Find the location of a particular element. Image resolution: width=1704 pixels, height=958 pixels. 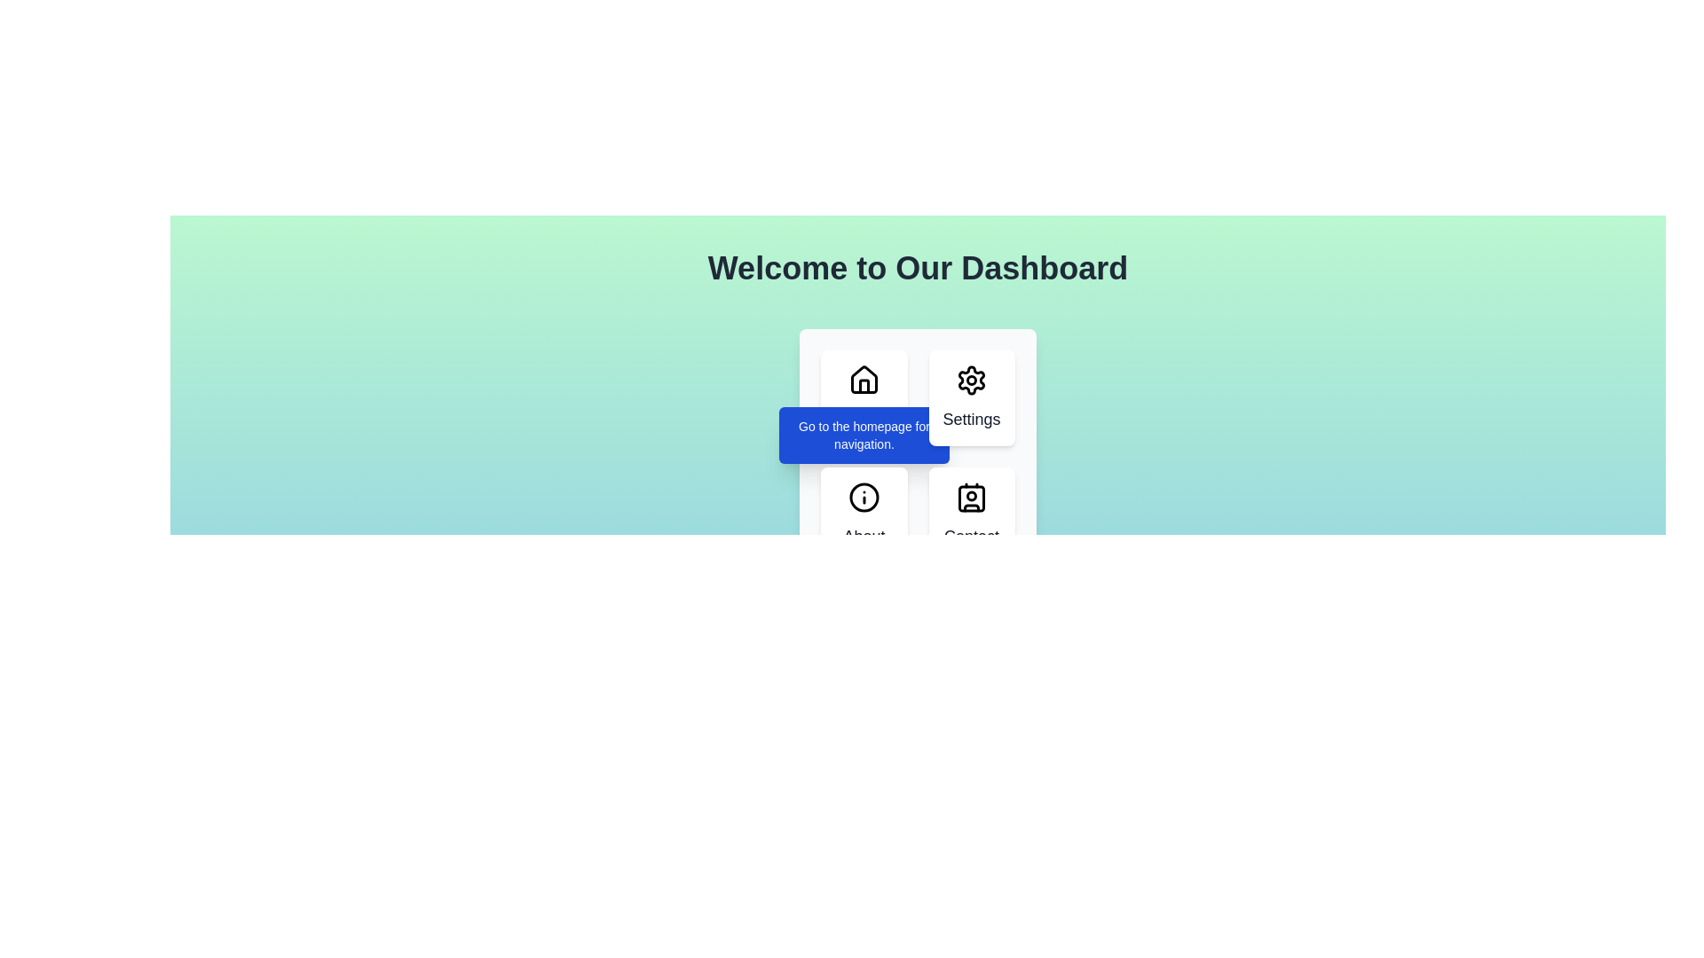

the house icon located in the top-left button of the square button grid beneath the 'Welcome to Our Dashboard' heading is located at coordinates (864, 379).